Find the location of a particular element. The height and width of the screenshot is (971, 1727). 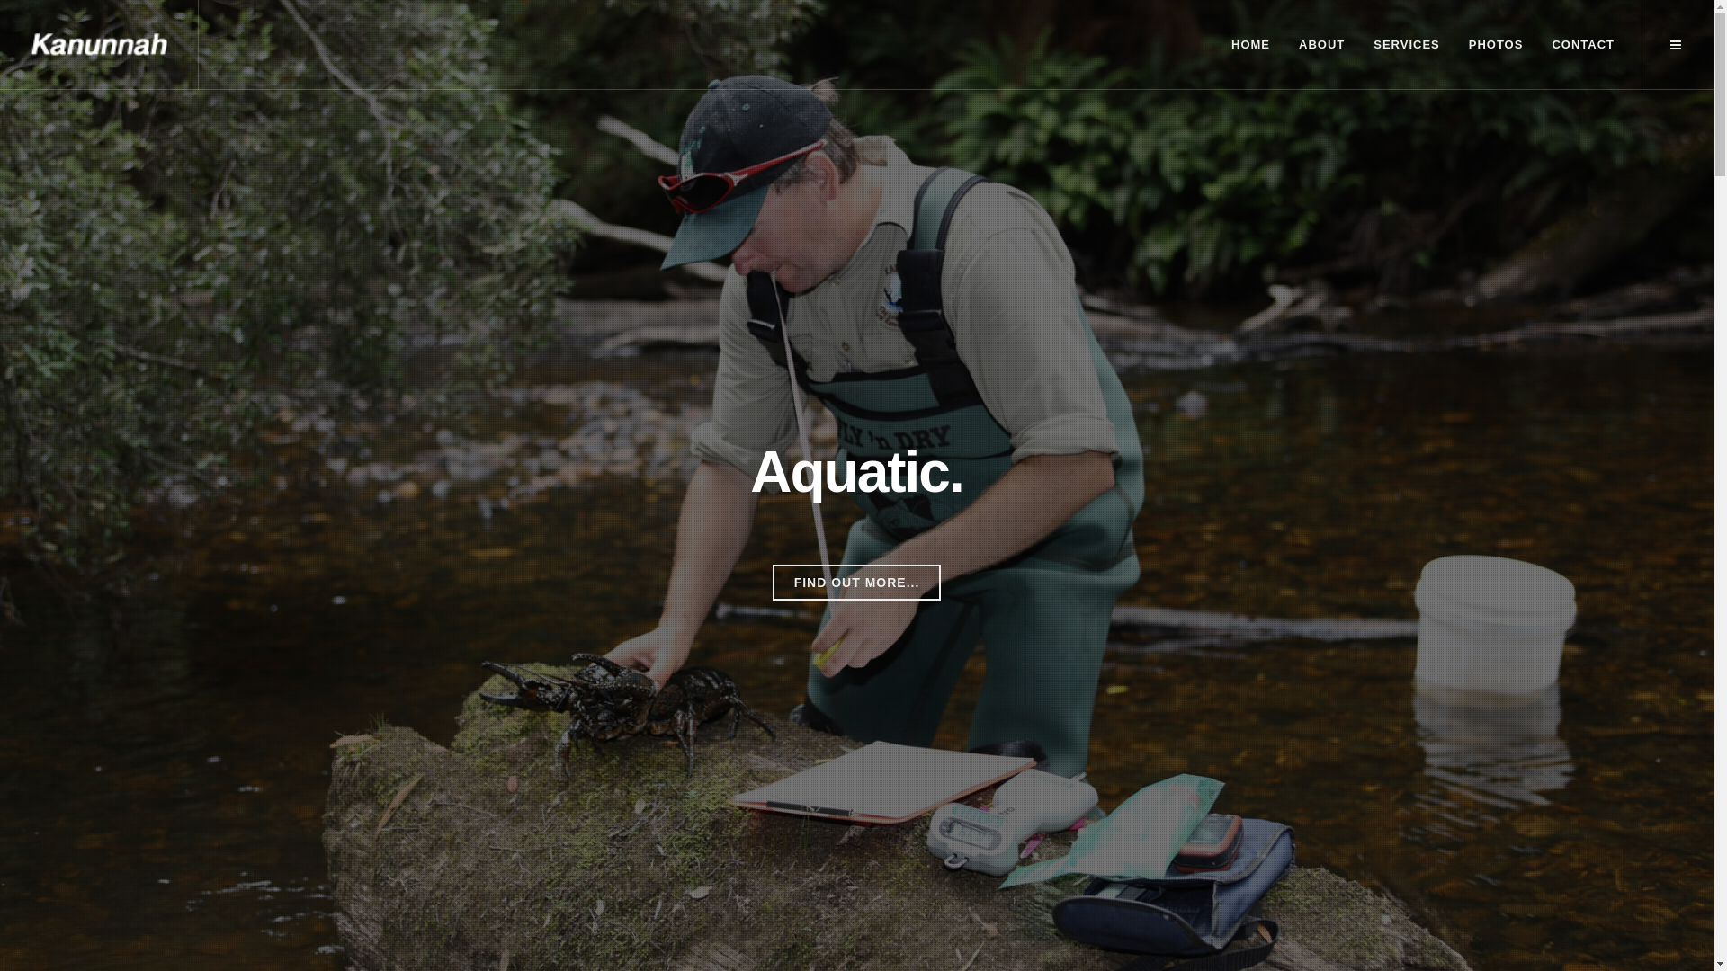

'ABOUT' is located at coordinates (1321, 44).